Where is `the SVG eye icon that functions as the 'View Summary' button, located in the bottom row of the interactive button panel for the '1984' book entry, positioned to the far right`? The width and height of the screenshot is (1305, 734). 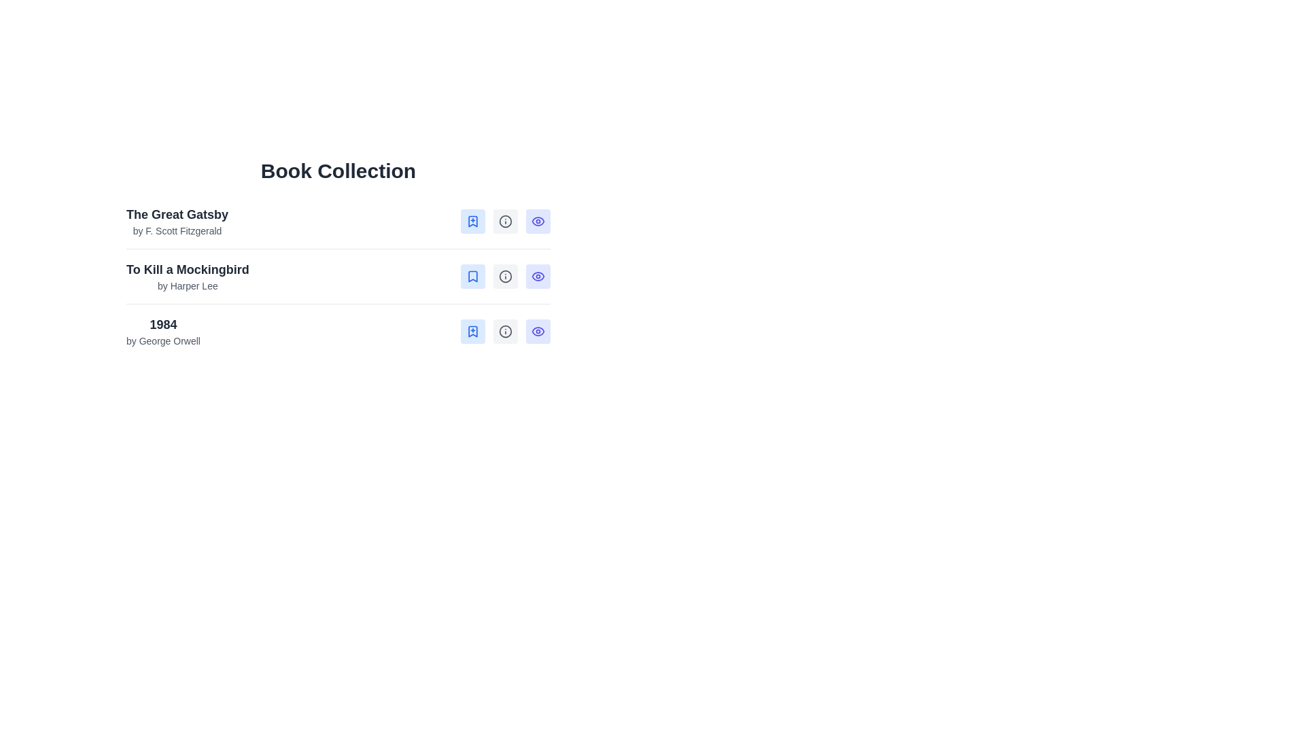
the SVG eye icon that functions as the 'View Summary' button, located in the bottom row of the interactive button panel for the '1984' book entry, positioned to the far right is located at coordinates (538, 332).